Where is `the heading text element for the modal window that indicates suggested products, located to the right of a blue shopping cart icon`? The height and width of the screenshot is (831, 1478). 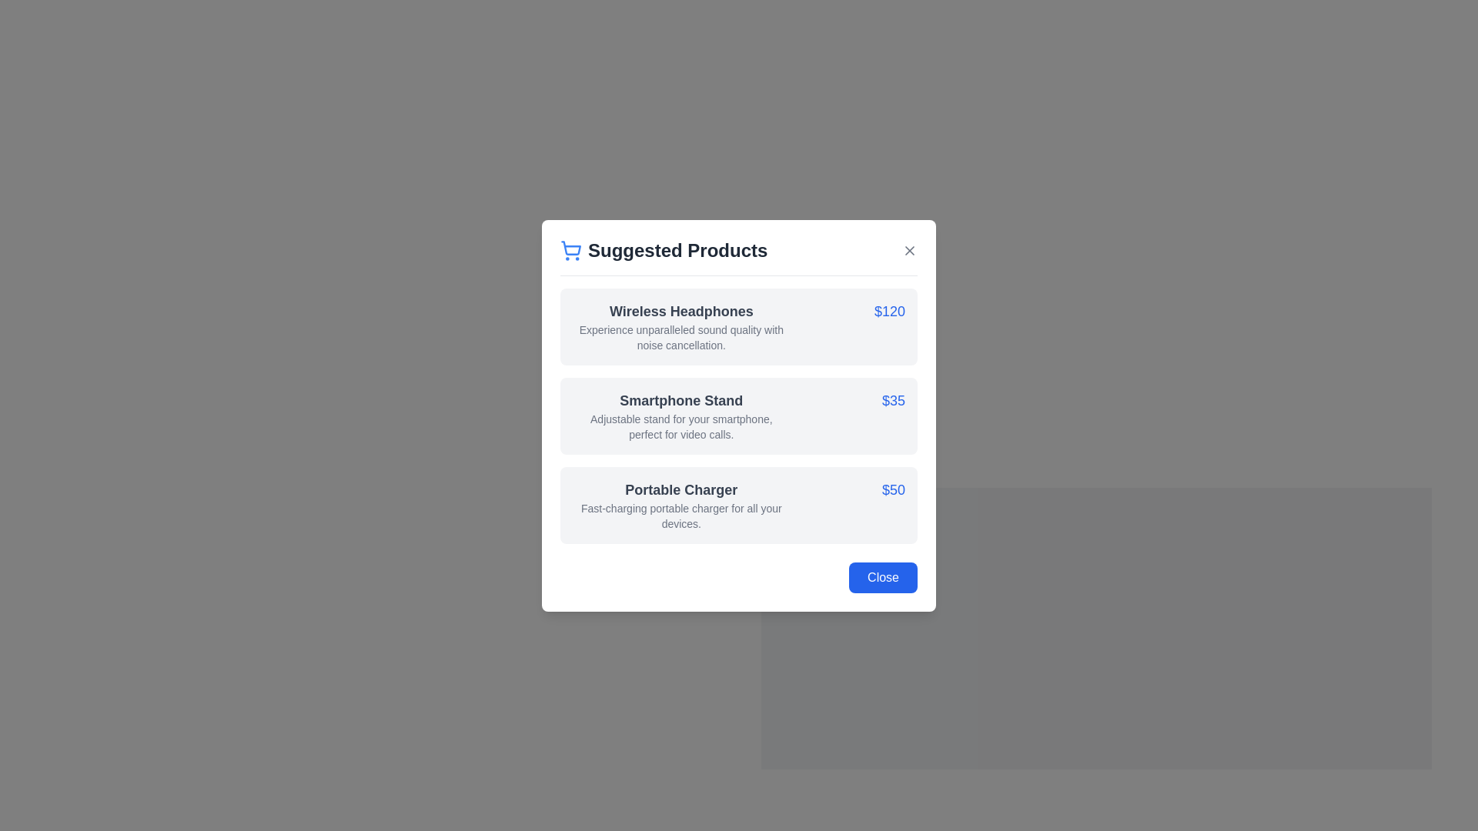
the heading text element for the modal window that indicates suggested products, located to the right of a blue shopping cart icon is located at coordinates (664, 249).